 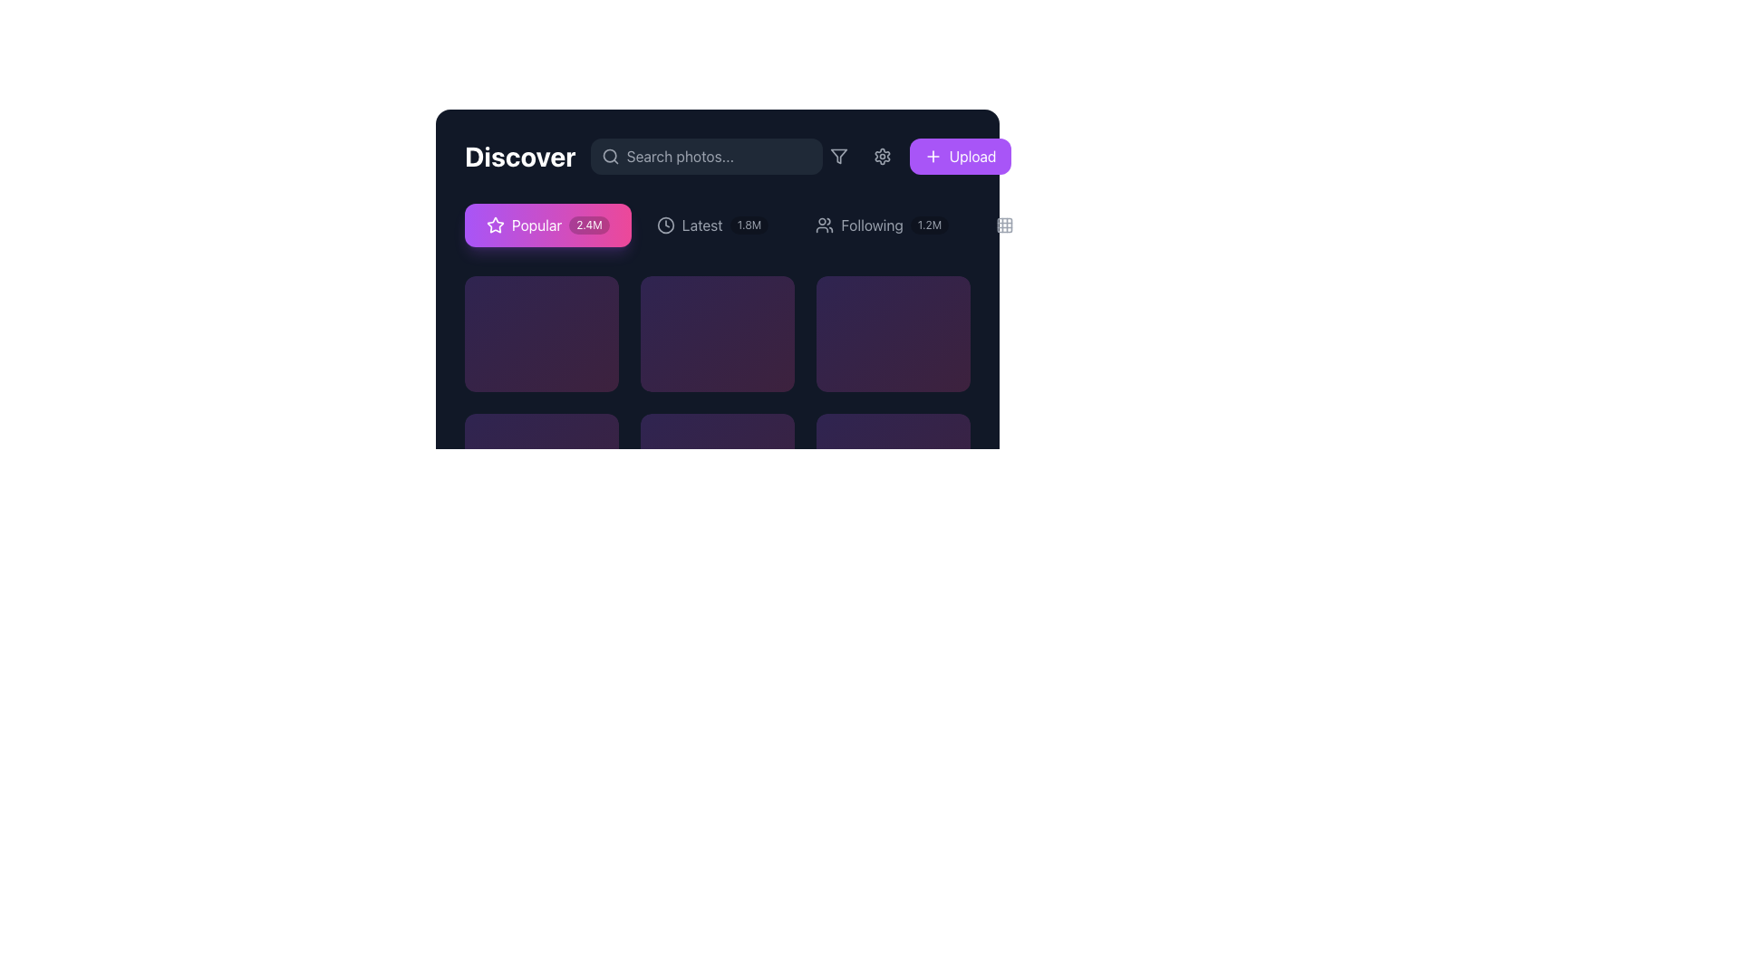 What do you see at coordinates (837, 156) in the screenshot?
I see `the filter icon located near the top-right corner of the application interface, adjacent to the search bar, to initiate a filtering action` at bounding box center [837, 156].